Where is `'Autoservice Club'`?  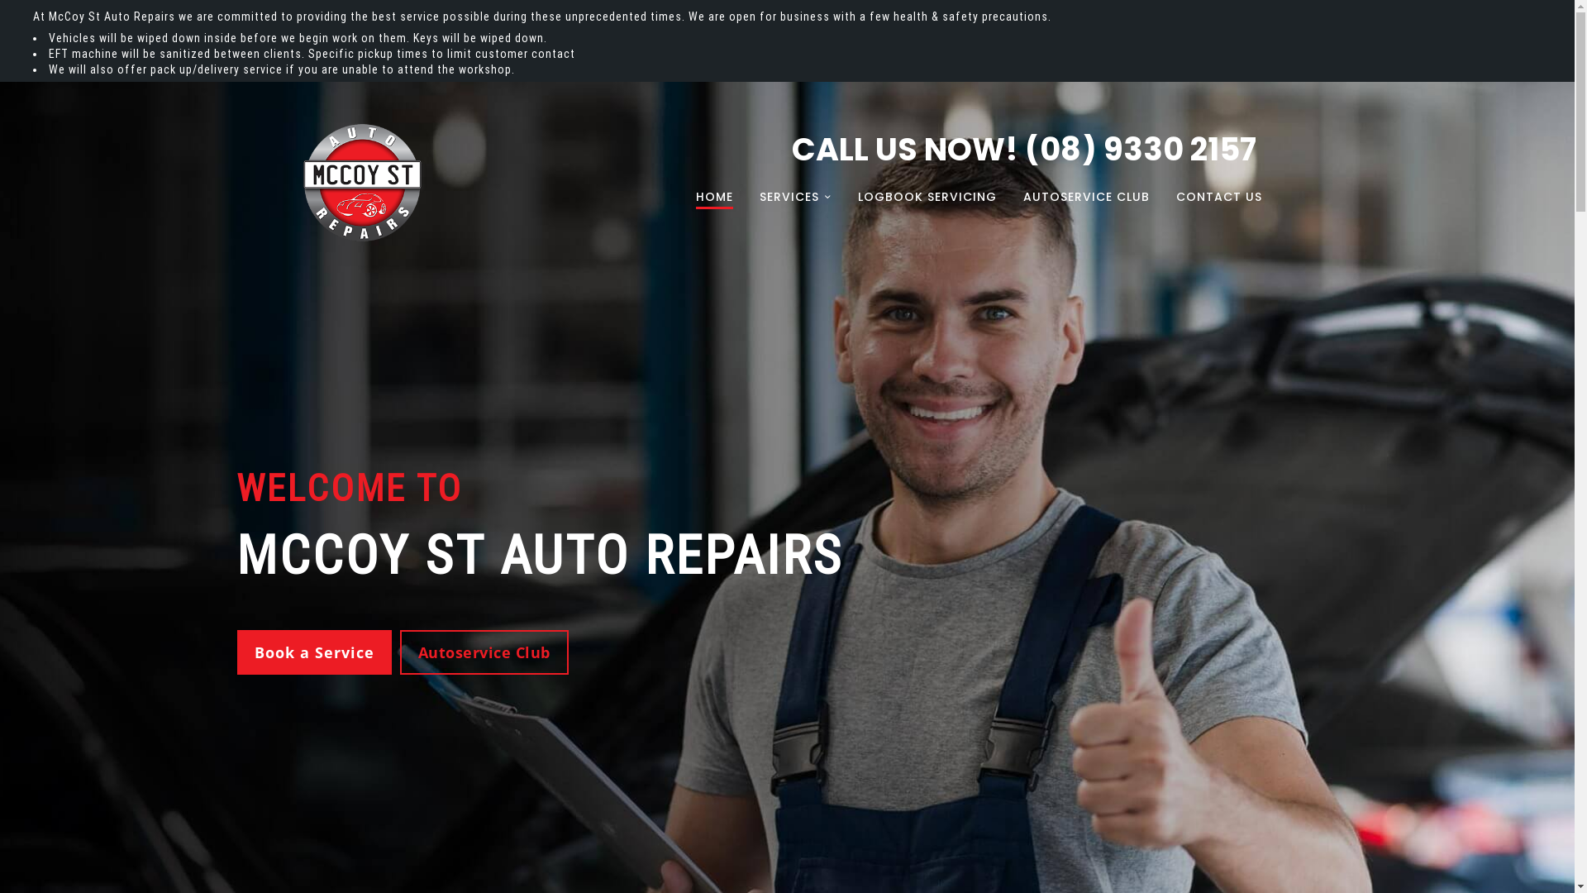 'Autoservice Club' is located at coordinates (400, 652).